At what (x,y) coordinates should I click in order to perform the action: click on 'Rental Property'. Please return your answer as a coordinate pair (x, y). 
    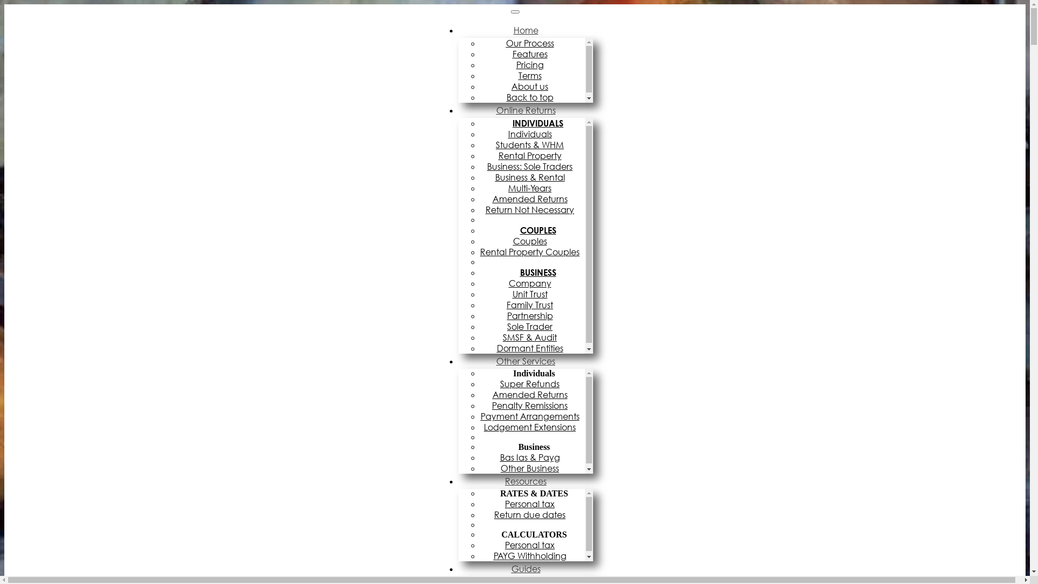
    Looking at the image, I should click on (533, 156).